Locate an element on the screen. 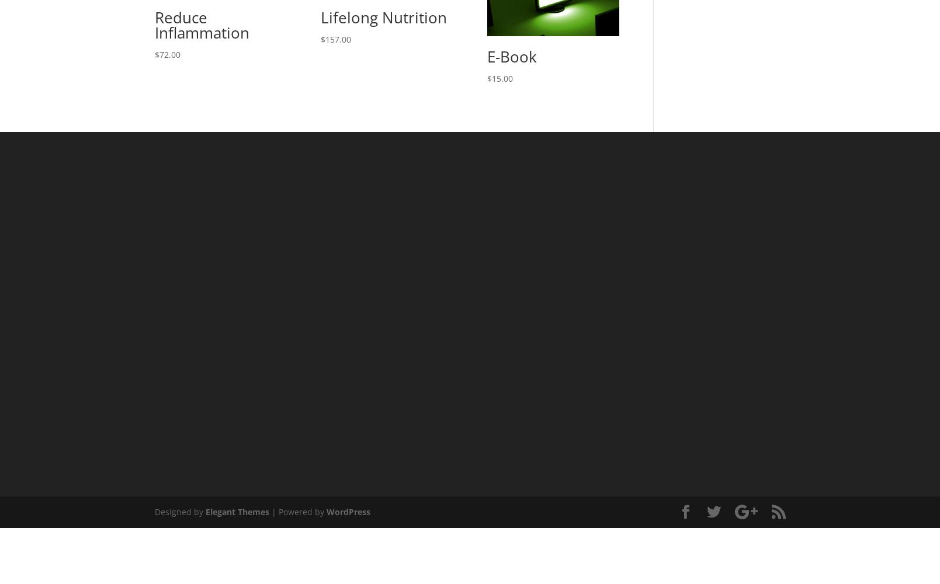 This screenshot has height=584, width=940. 'E-Book' is located at coordinates (511, 56).